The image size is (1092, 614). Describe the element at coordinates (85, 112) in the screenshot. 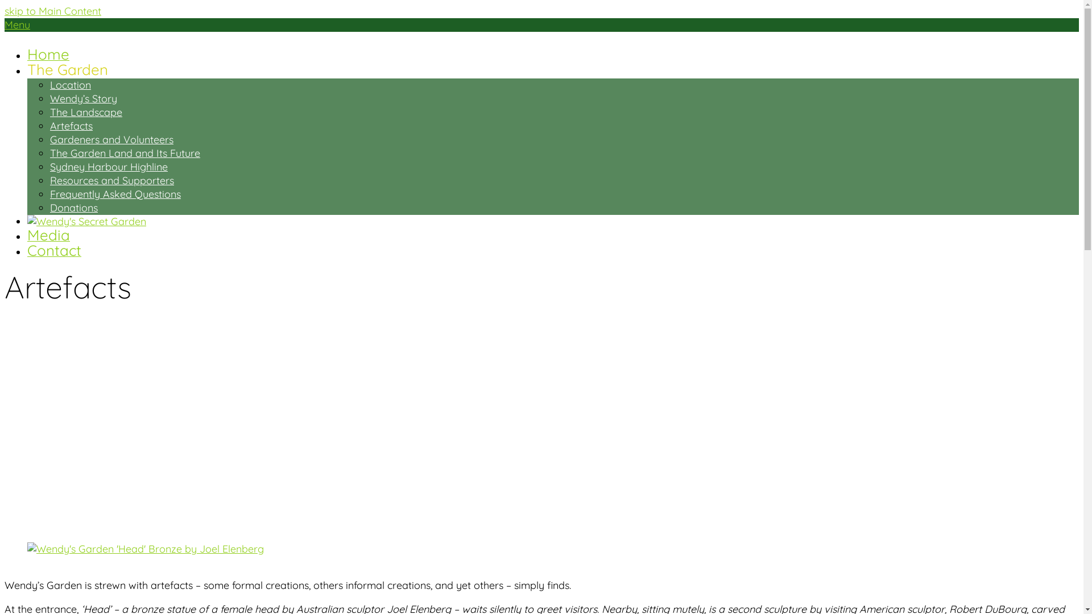

I see `'The Landscape'` at that location.